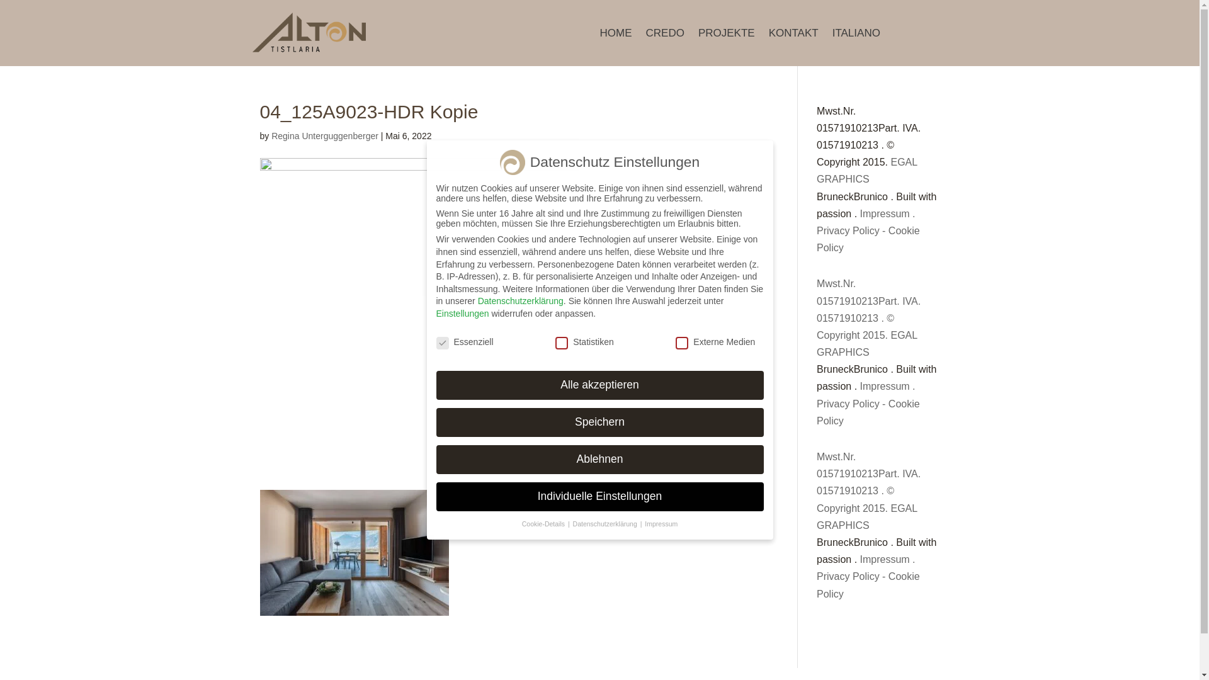 The height and width of the screenshot is (680, 1209). What do you see at coordinates (867, 239) in the screenshot?
I see `'Cookie Policy'` at bounding box center [867, 239].